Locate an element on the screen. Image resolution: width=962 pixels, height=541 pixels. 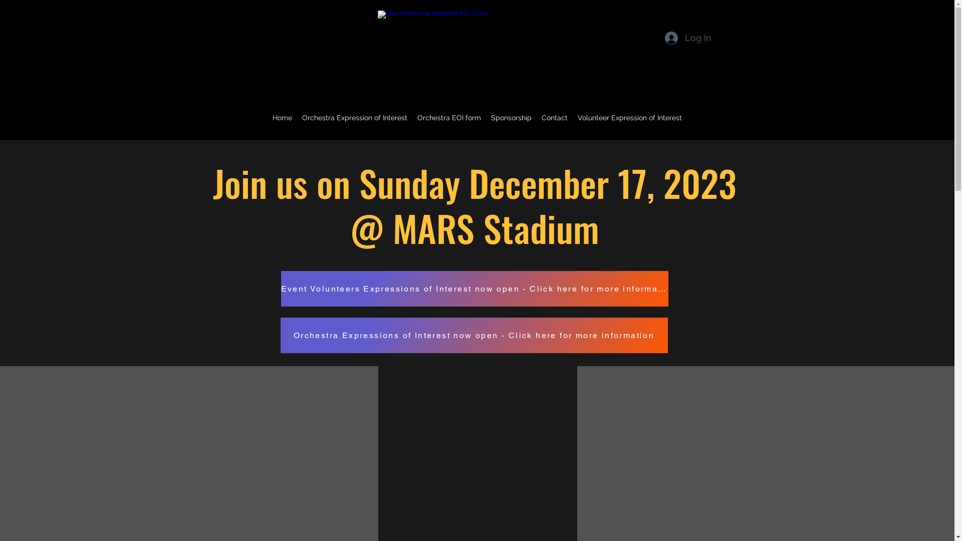
'Volunteer Expression of Interest' is located at coordinates (629, 117).